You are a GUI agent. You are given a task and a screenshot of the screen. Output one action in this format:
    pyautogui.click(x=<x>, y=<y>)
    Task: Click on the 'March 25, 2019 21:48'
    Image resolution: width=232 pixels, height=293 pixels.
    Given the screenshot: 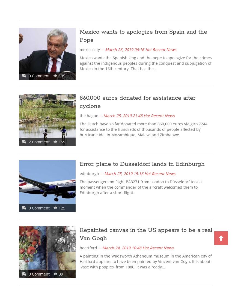 What is the action you would take?
    pyautogui.click(x=123, y=116)
    